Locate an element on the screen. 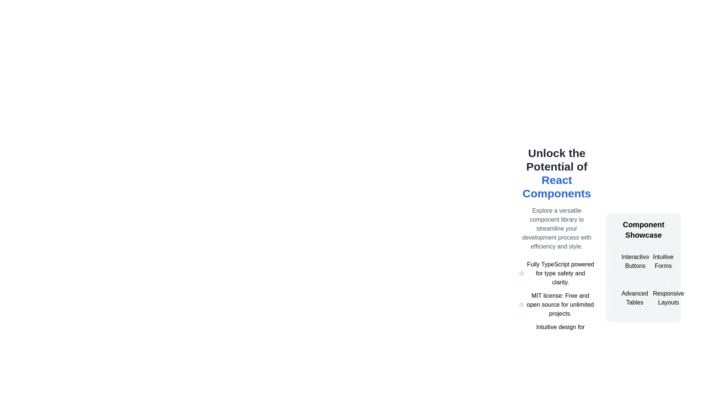 This screenshot has height=403, width=718. the prominent header text that reads 'Unlock the Potential of React Components', which is styled in bold and extra-large font, with 'React Components' emphasized in blue is located at coordinates (556, 174).